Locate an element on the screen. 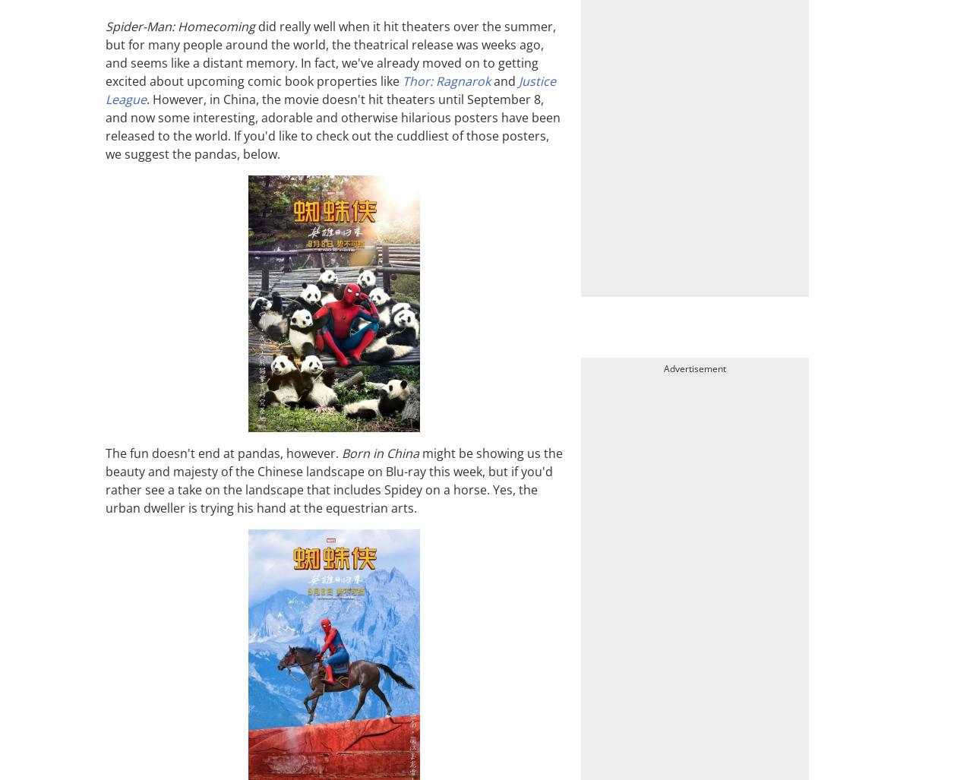  'Advertisement' is located at coordinates (695, 368).